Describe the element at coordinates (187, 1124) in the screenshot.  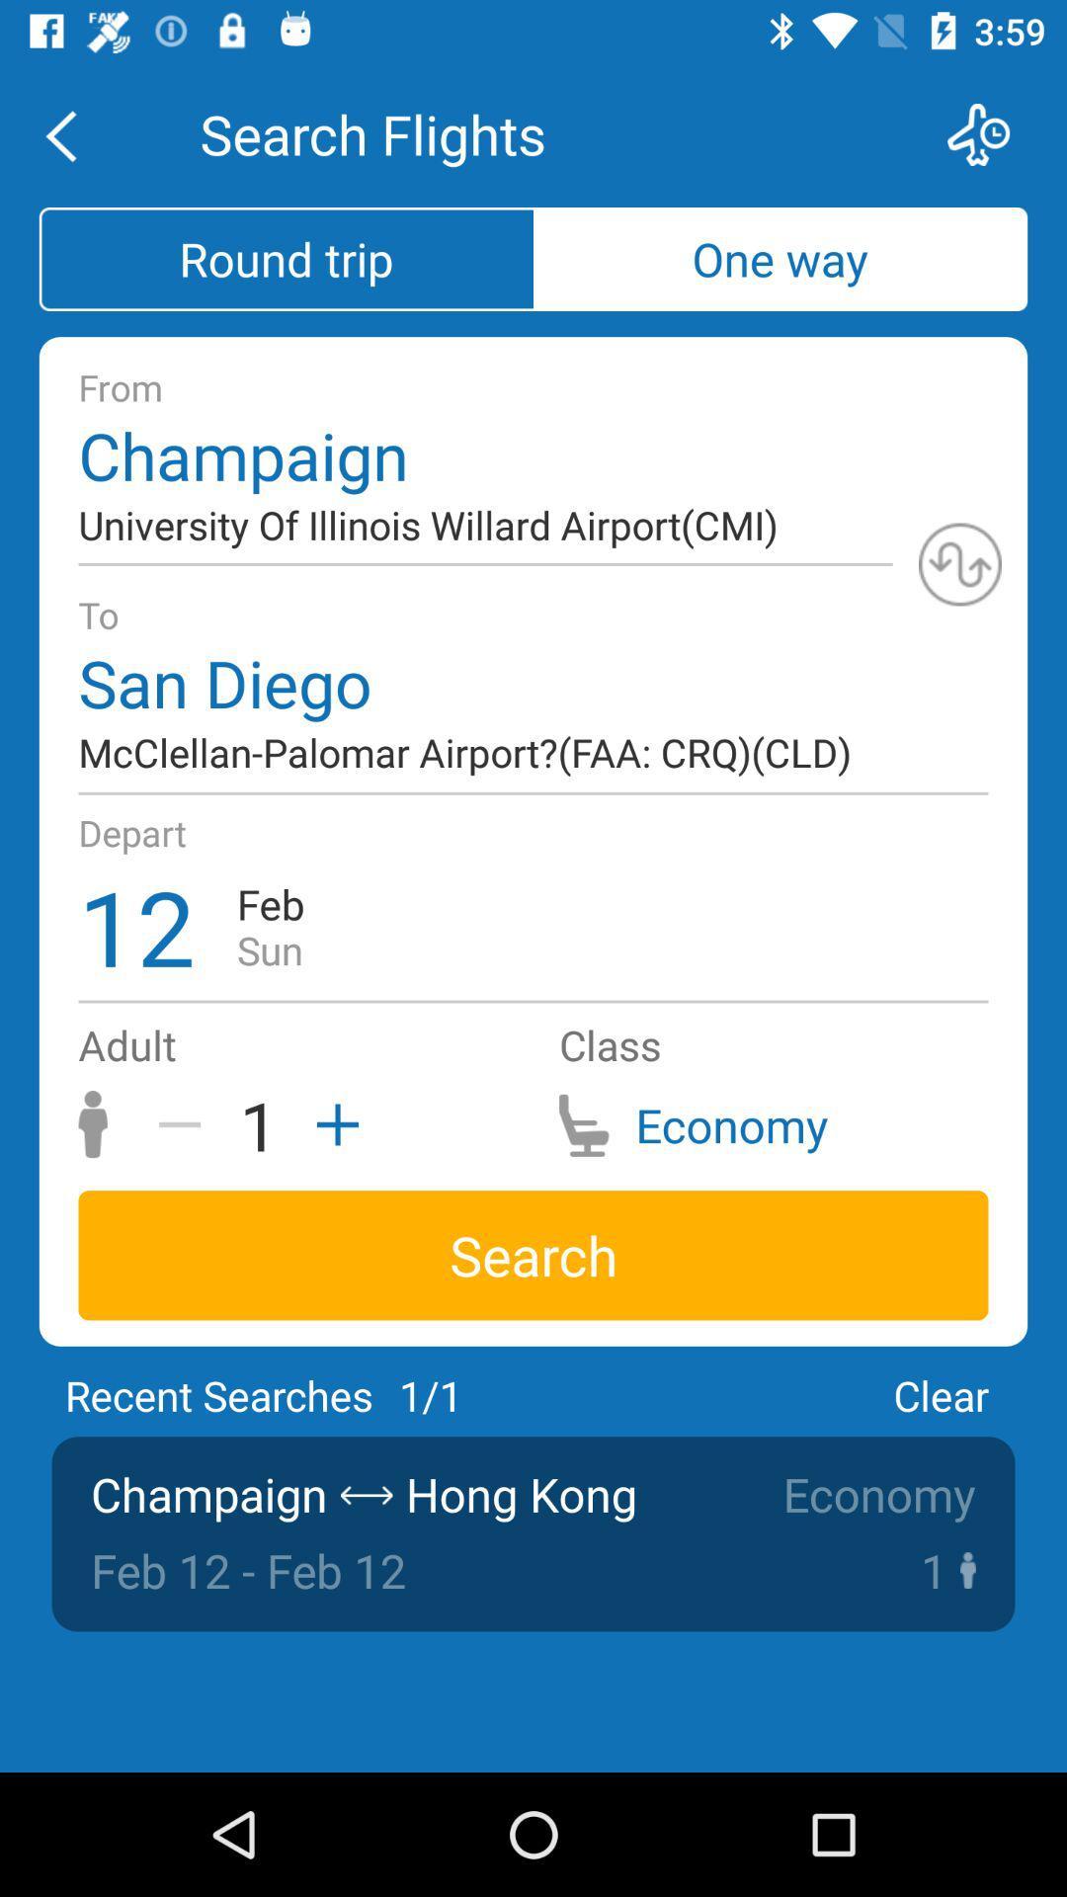
I see `the icon above search icon` at that location.